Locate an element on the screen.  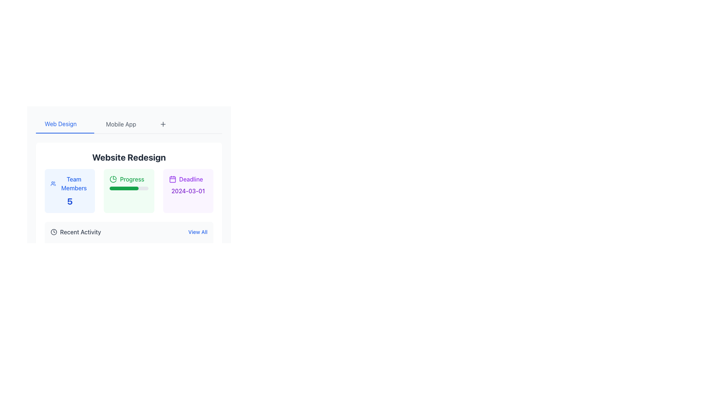
the purple calendar icon associated with the 'Deadline' label located on the rightmost side of the horizontally aligned row of icons and text labels is located at coordinates (172, 179).